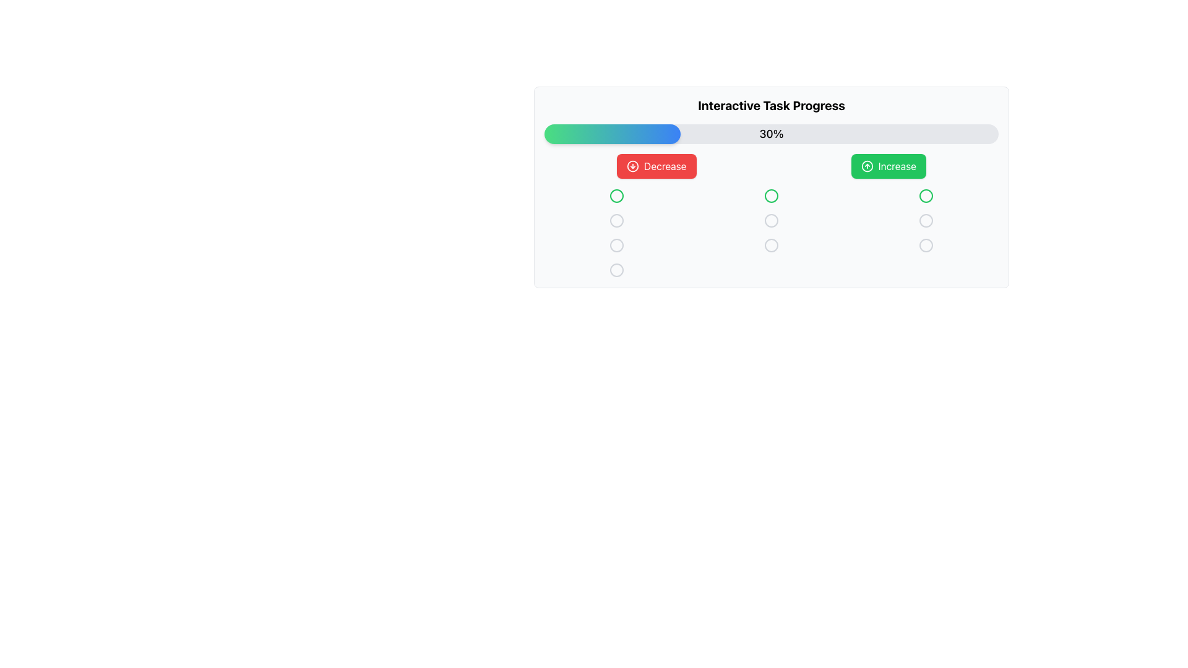  I want to click on the circular SVG element with a green stroke outline, so click(926, 195).